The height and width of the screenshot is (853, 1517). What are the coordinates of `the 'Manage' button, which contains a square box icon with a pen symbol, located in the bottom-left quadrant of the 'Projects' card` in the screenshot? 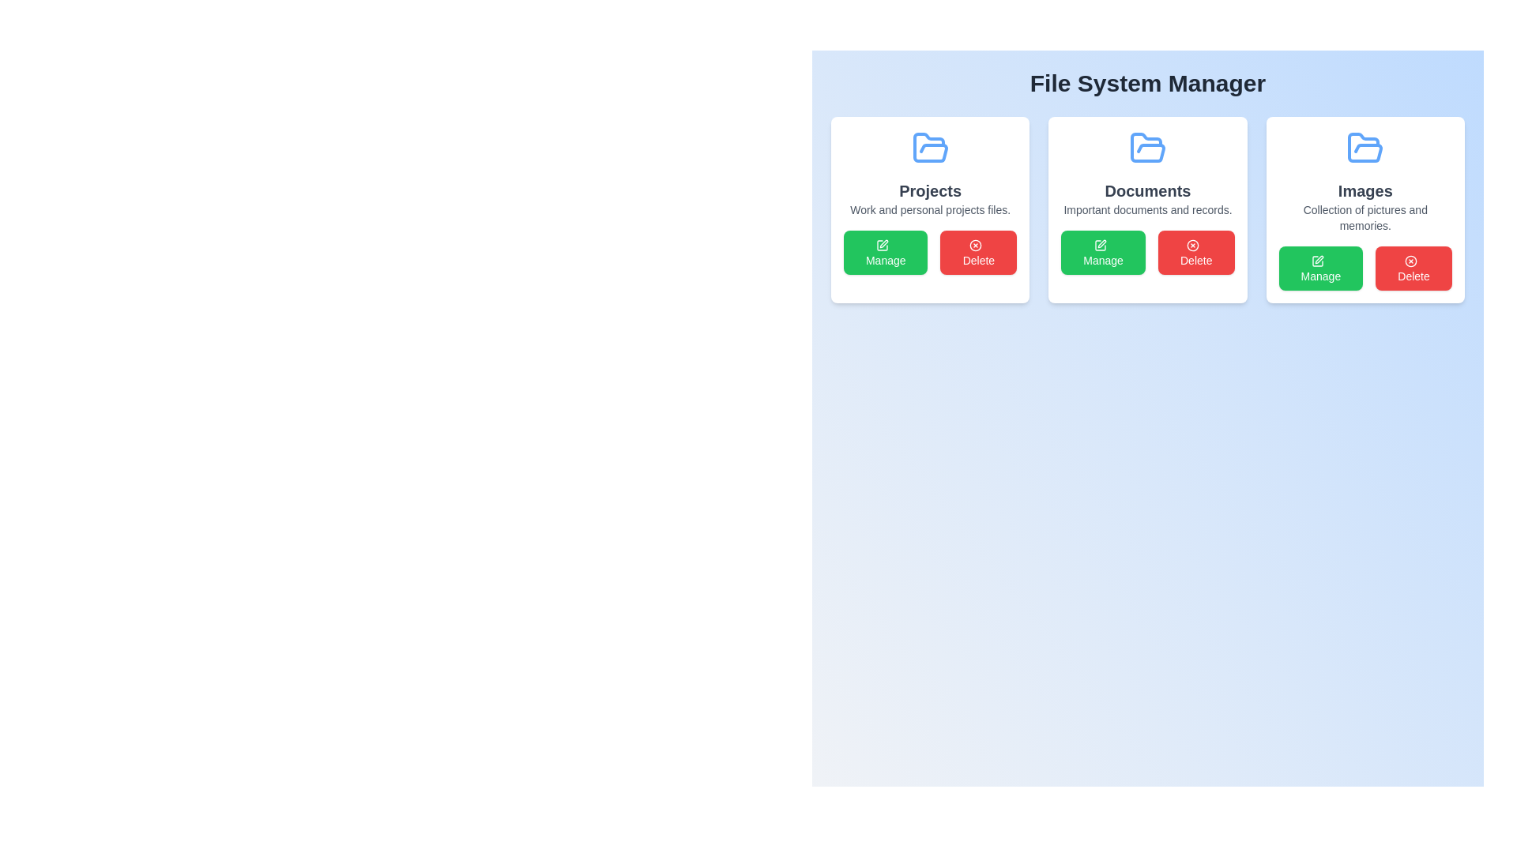 It's located at (882, 246).